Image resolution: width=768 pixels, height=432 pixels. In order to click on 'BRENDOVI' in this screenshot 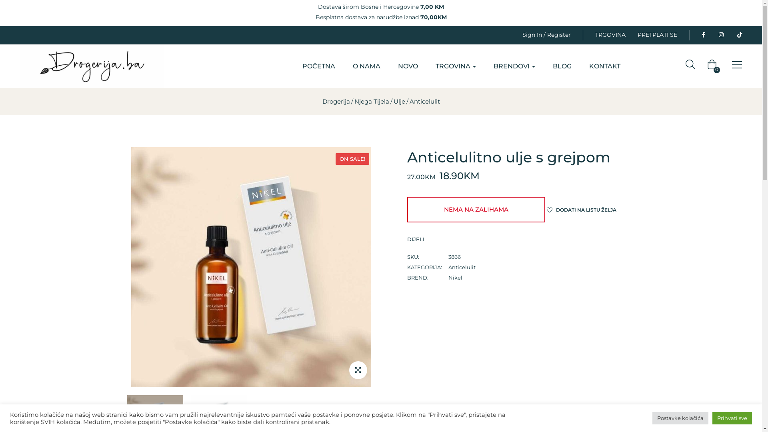, I will do `click(514, 66)`.